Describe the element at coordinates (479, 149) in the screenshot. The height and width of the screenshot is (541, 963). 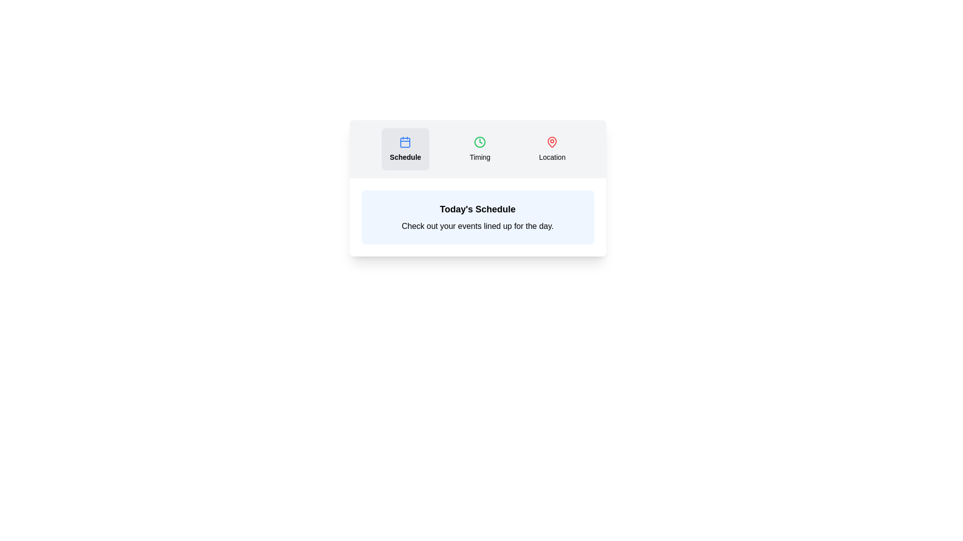
I see `the tab button labeled Timing` at that location.